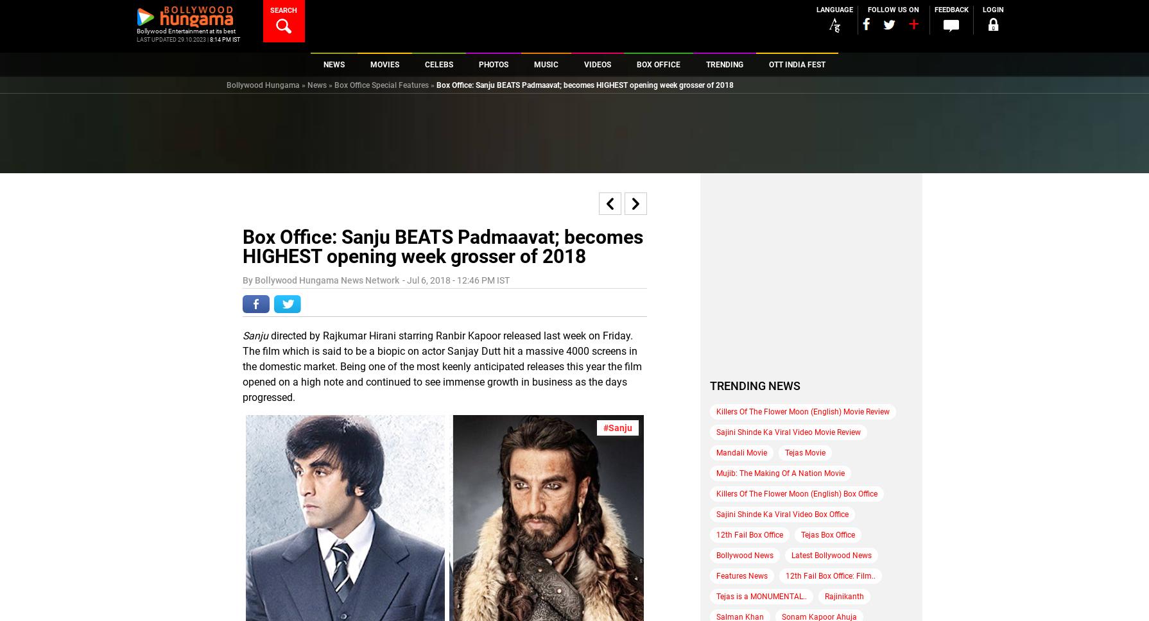 The height and width of the screenshot is (621, 1149). What do you see at coordinates (830, 575) in the screenshot?
I see `'12th Fail Box Office: Film..'` at bounding box center [830, 575].